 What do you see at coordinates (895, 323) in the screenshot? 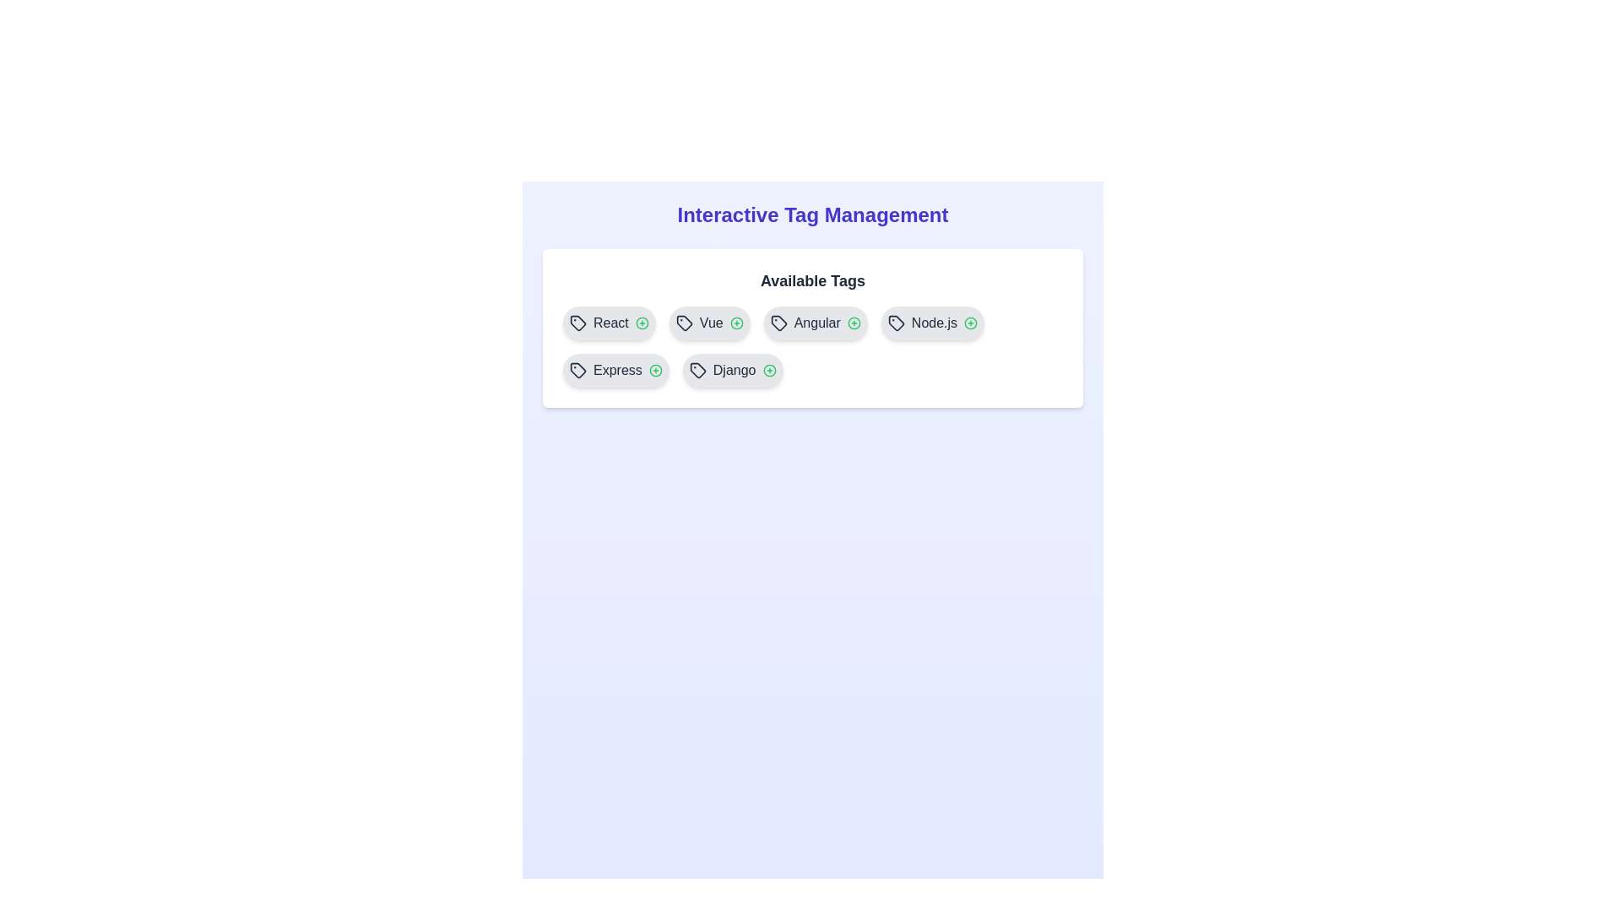
I see `the tag icon representing 'Node.js'` at bounding box center [895, 323].